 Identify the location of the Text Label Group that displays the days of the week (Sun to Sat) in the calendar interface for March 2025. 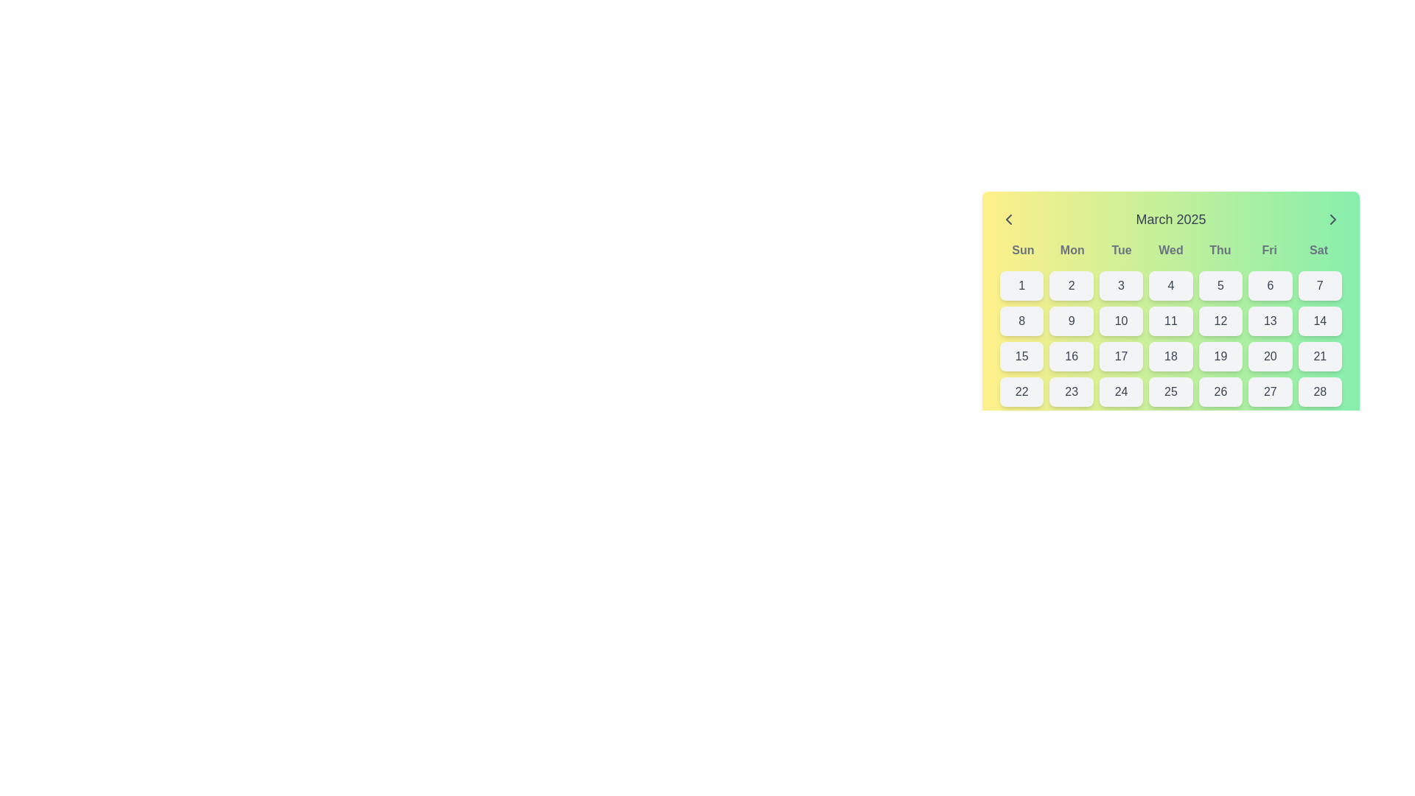
(1170, 249).